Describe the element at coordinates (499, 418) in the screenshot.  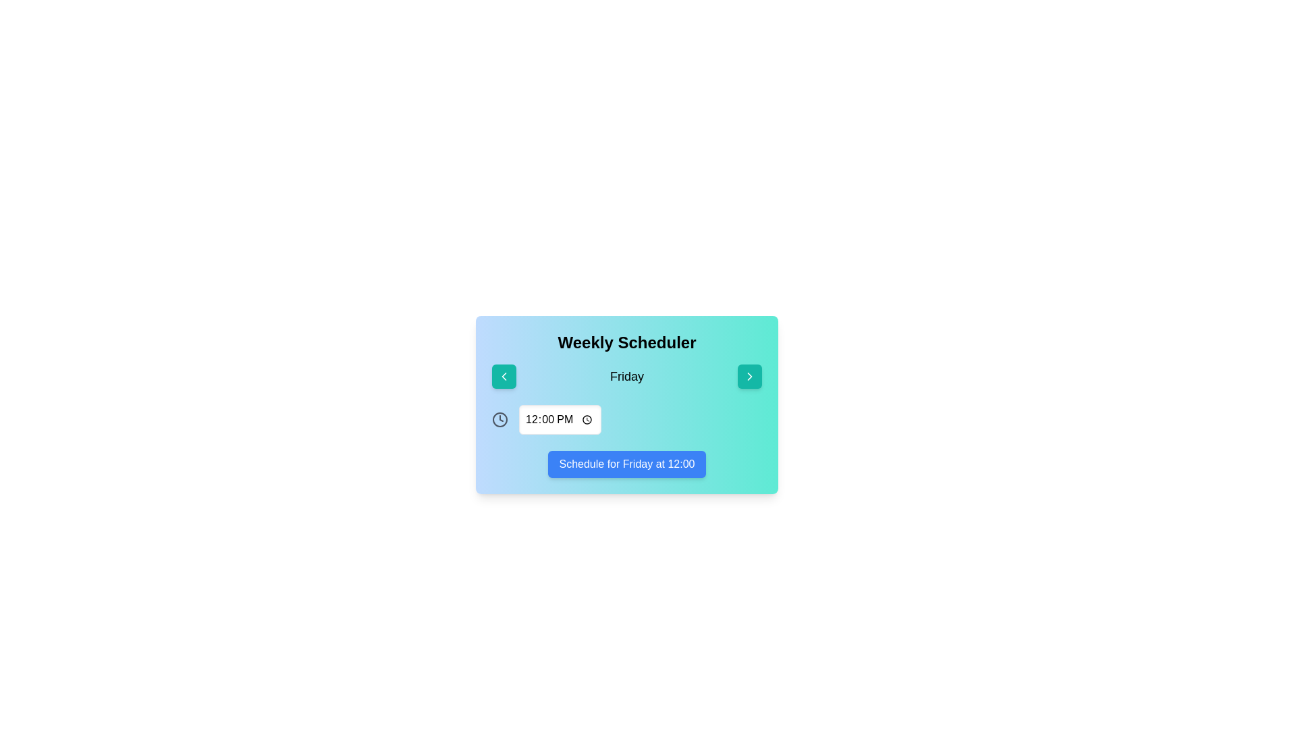
I see `SVG Circle element that represents the clock face, which is part of the clock icon located to the left of the time selection input box in the scheduling interface` at that location.